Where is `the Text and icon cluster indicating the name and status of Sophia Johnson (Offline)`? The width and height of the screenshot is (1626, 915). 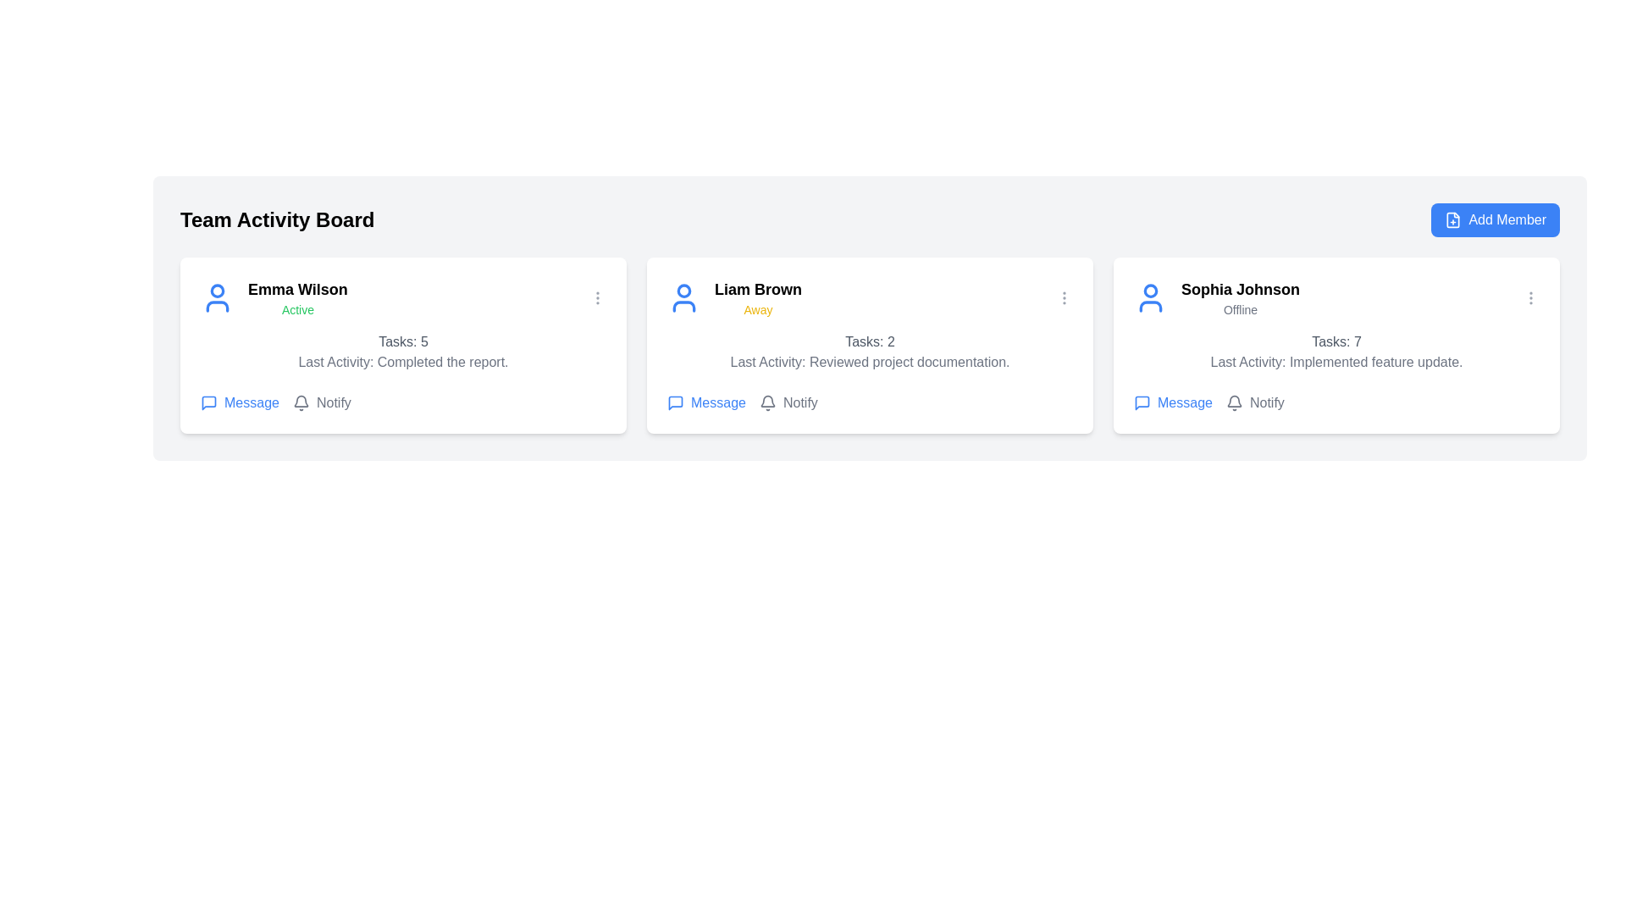 the Text and icon cluster indicating the name and status of Sophia Johnson (Offline) is located at coordinates (1336, 297).